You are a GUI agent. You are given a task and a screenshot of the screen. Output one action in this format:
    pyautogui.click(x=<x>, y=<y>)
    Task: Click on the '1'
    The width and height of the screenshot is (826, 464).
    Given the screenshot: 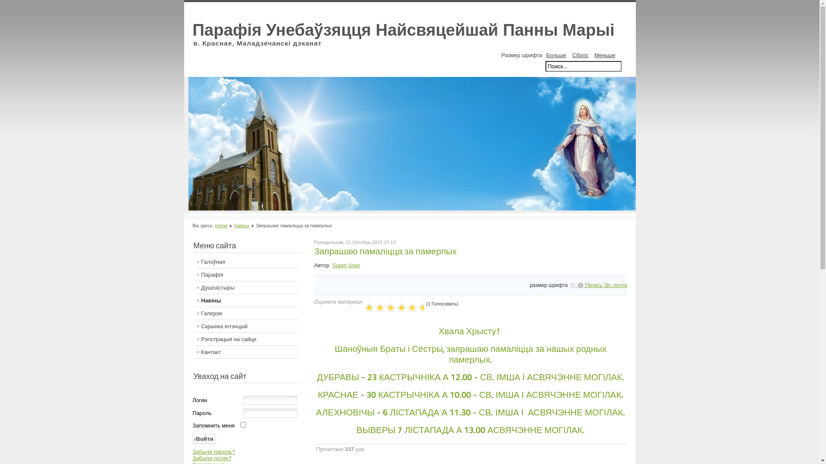 What is the action you would take?
    pyautogui.click(x=364, y=308)
    